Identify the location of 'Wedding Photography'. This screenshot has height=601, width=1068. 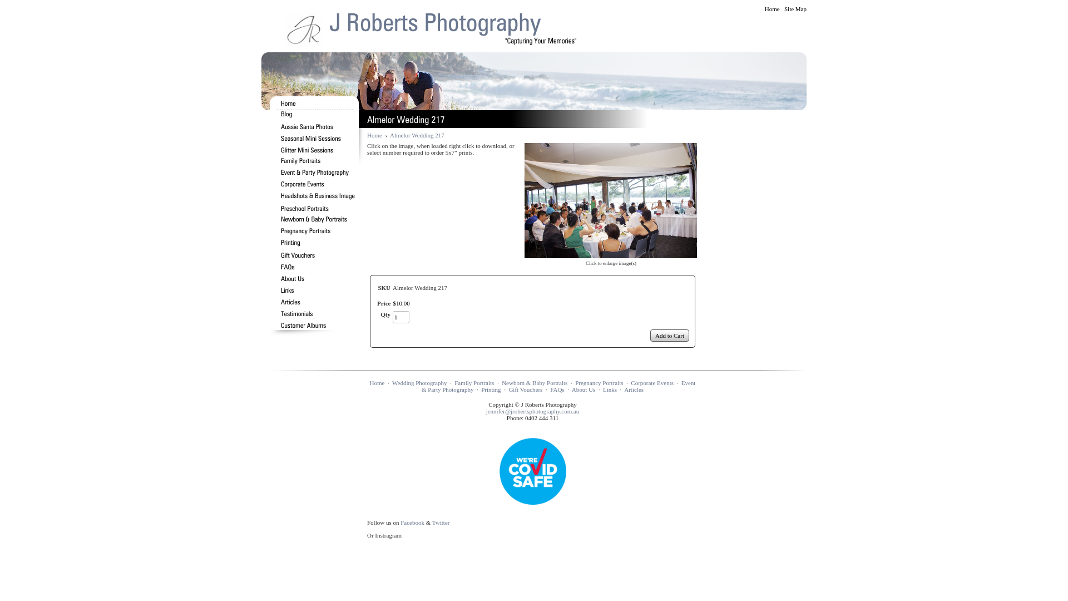
(418, 382).